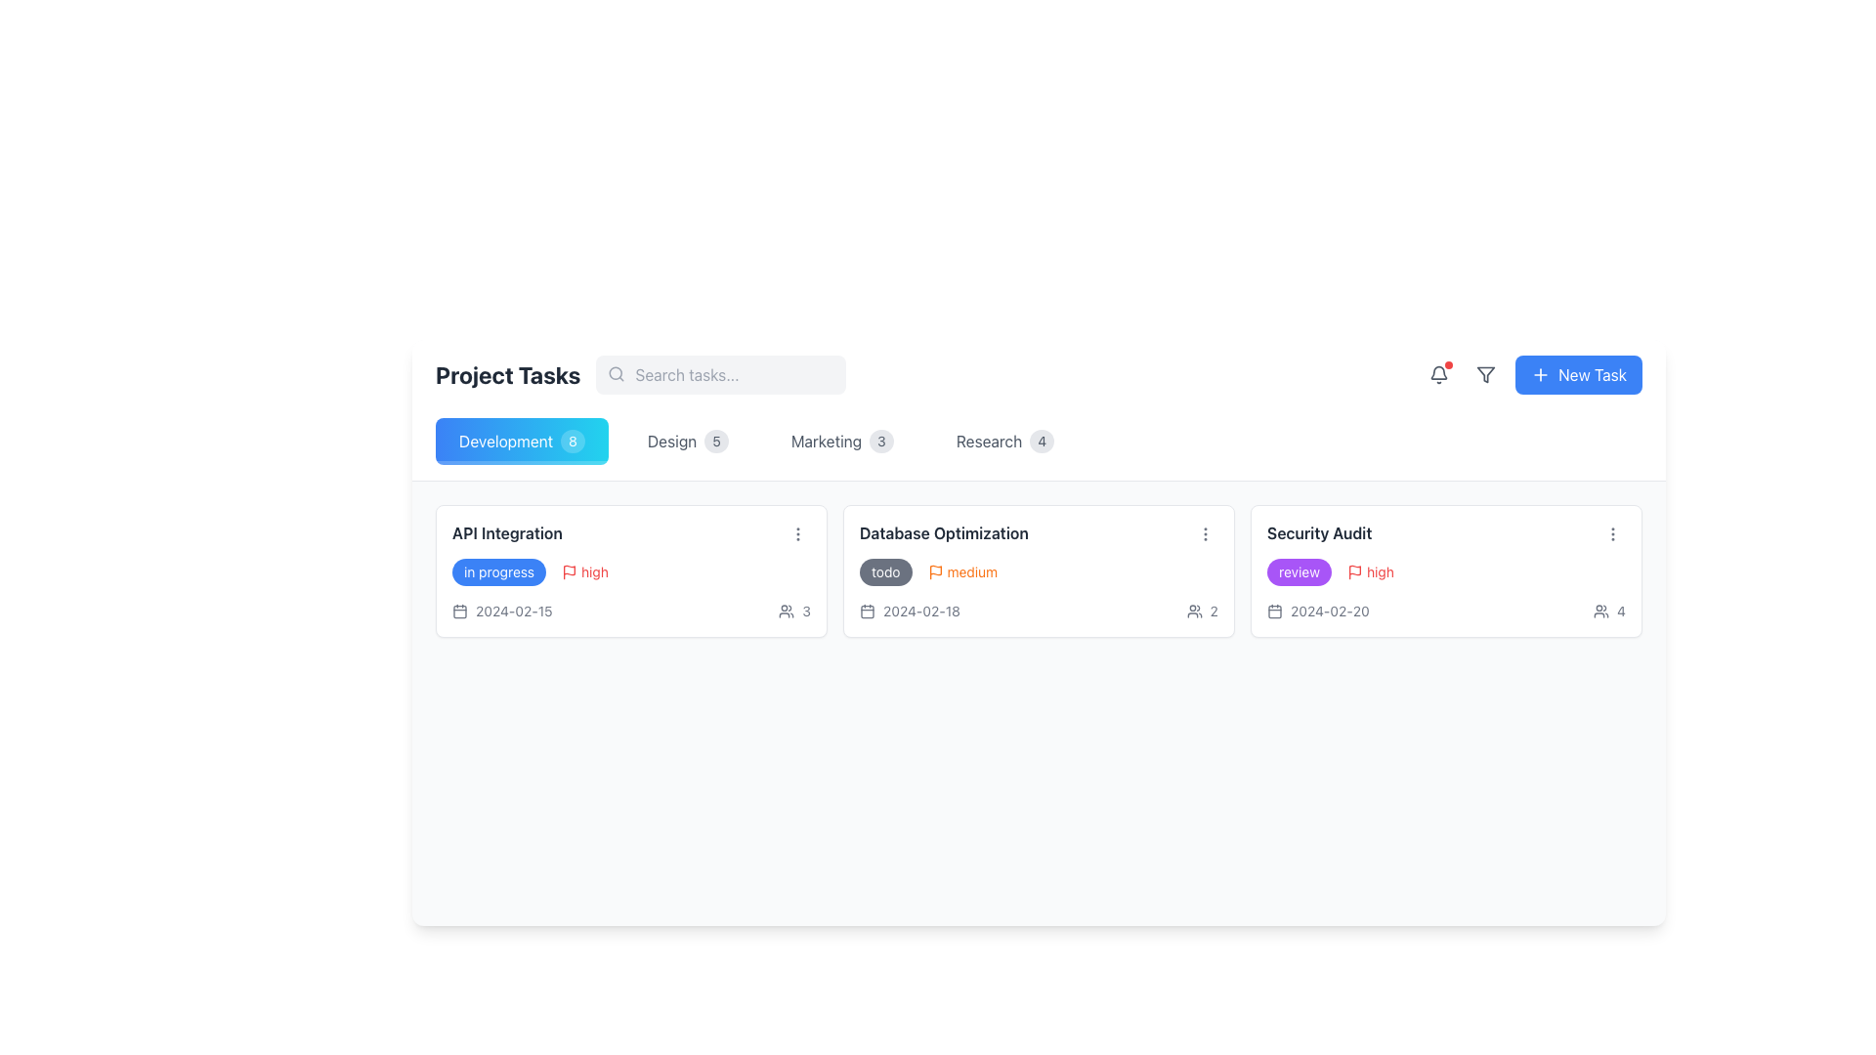  I want to click on the first task card, so click(631, 571).